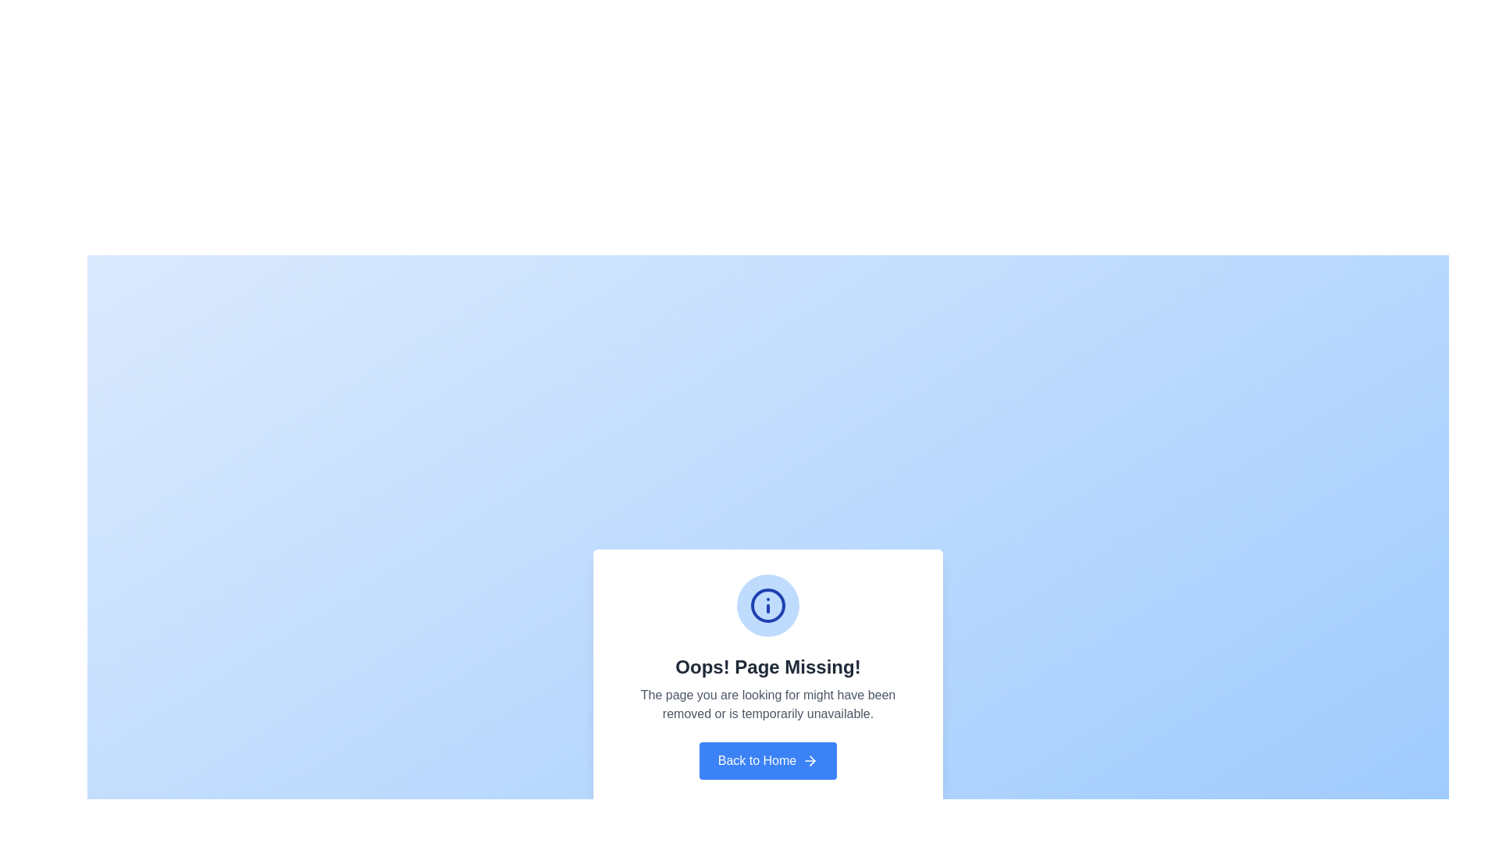  I want to click on the informational SVG icon located in the center of the blue circular icon at the top of the panel, which is above the message text and button, so click(767, 604).